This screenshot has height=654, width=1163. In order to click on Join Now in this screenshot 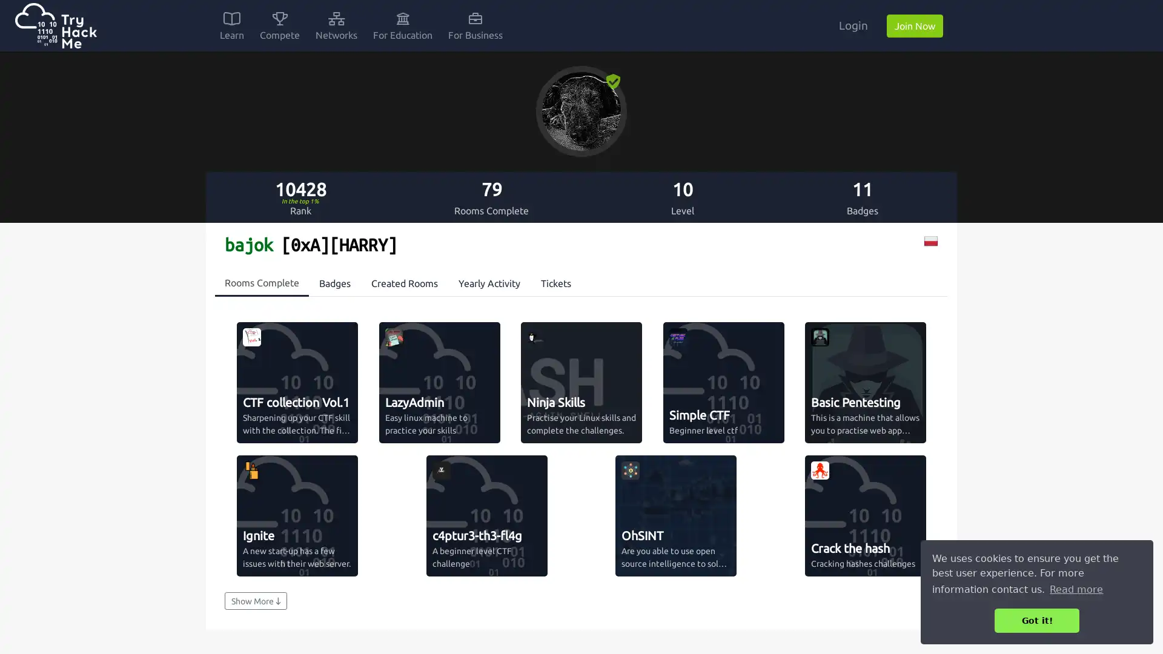, I will do `click(915, 25)`.